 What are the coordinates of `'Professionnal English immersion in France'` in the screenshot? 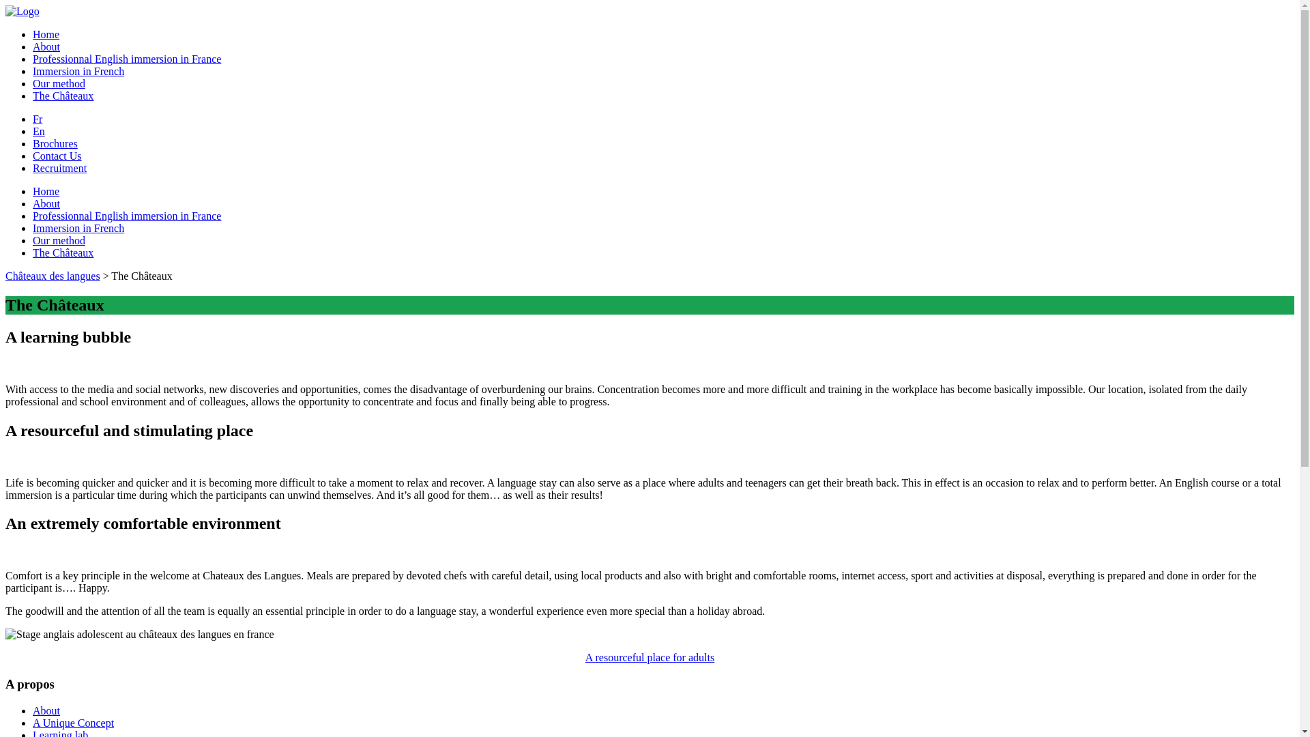 It's located at (127, 58).